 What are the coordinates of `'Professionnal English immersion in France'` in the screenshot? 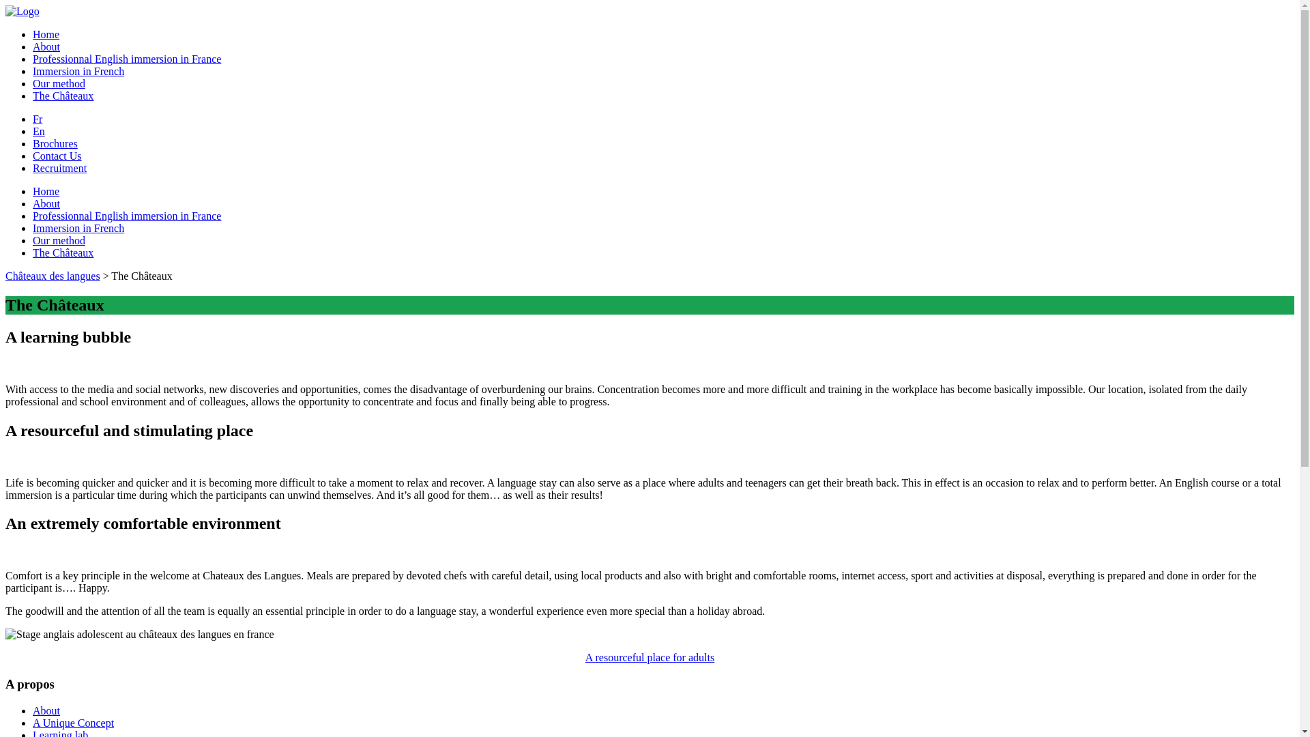 It's located at (127, 58).